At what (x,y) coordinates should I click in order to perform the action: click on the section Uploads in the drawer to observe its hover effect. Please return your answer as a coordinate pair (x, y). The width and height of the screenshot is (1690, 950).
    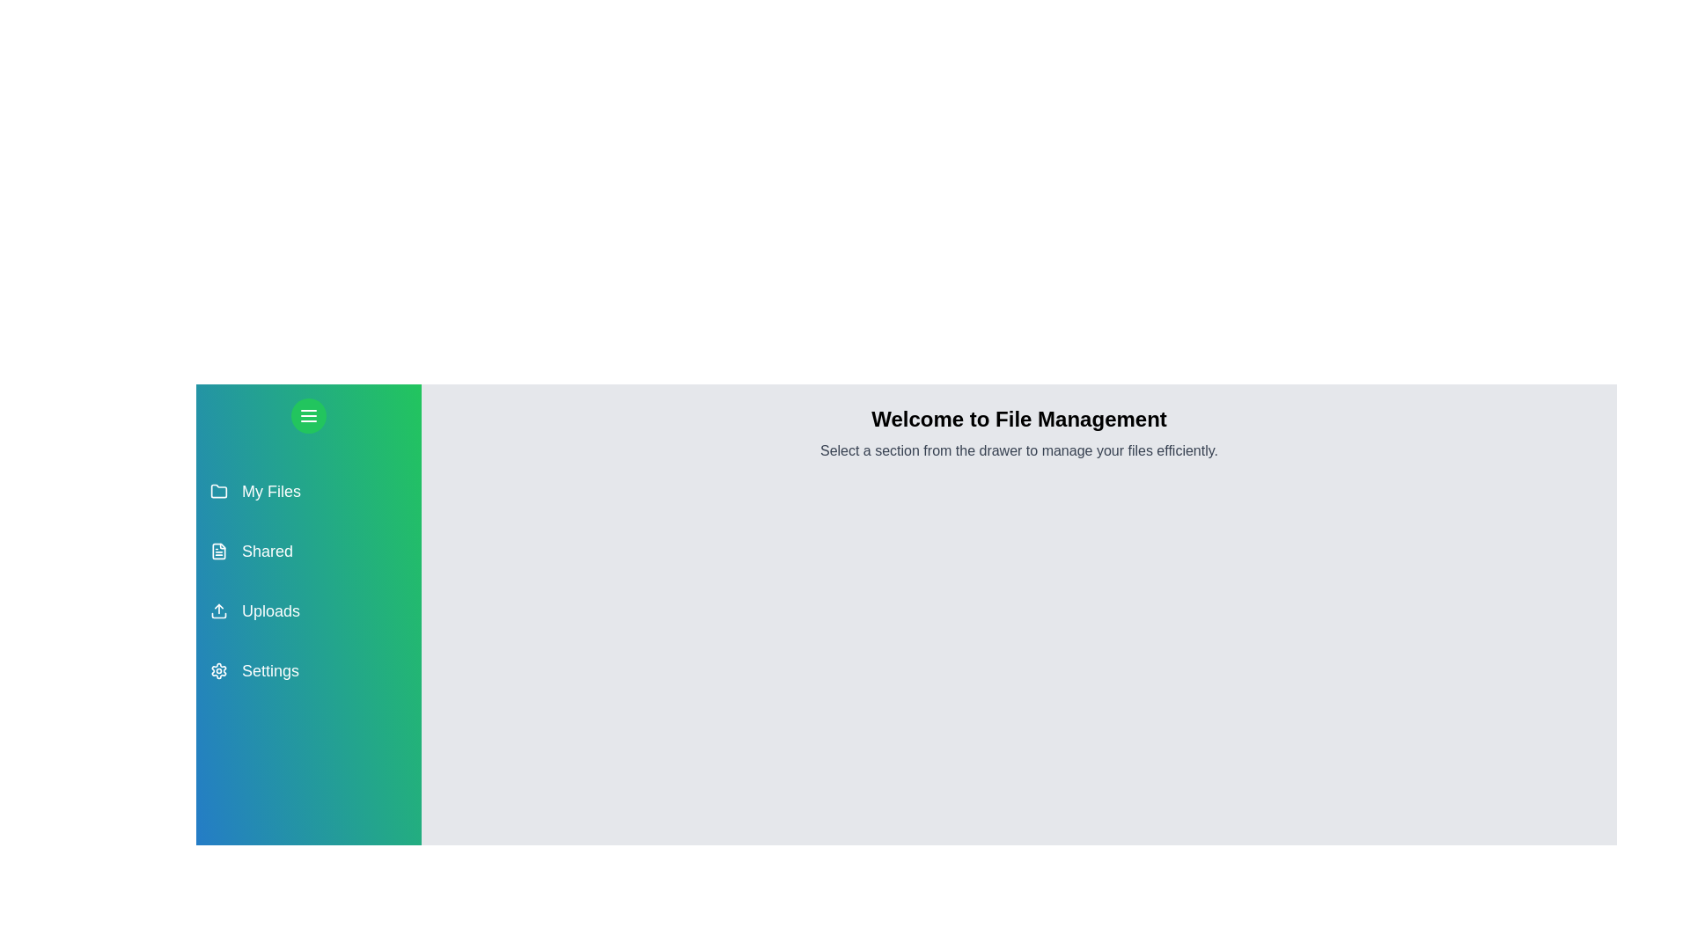
    Looking at the image, I should click on (308, 610).